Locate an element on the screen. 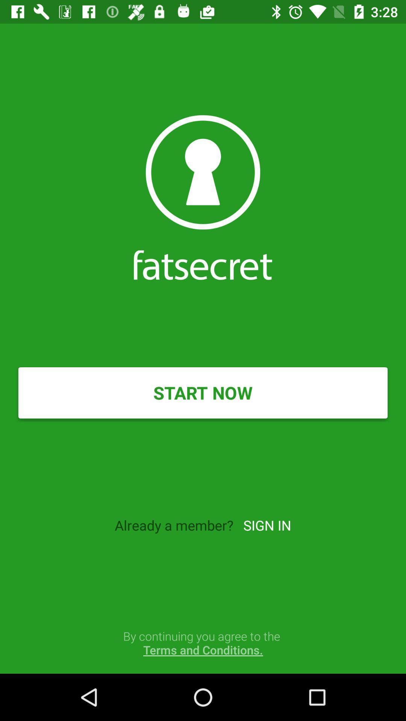 The height and width of the screenshot is (721, 406). by continuing you item is located at coordinates (203, 643).